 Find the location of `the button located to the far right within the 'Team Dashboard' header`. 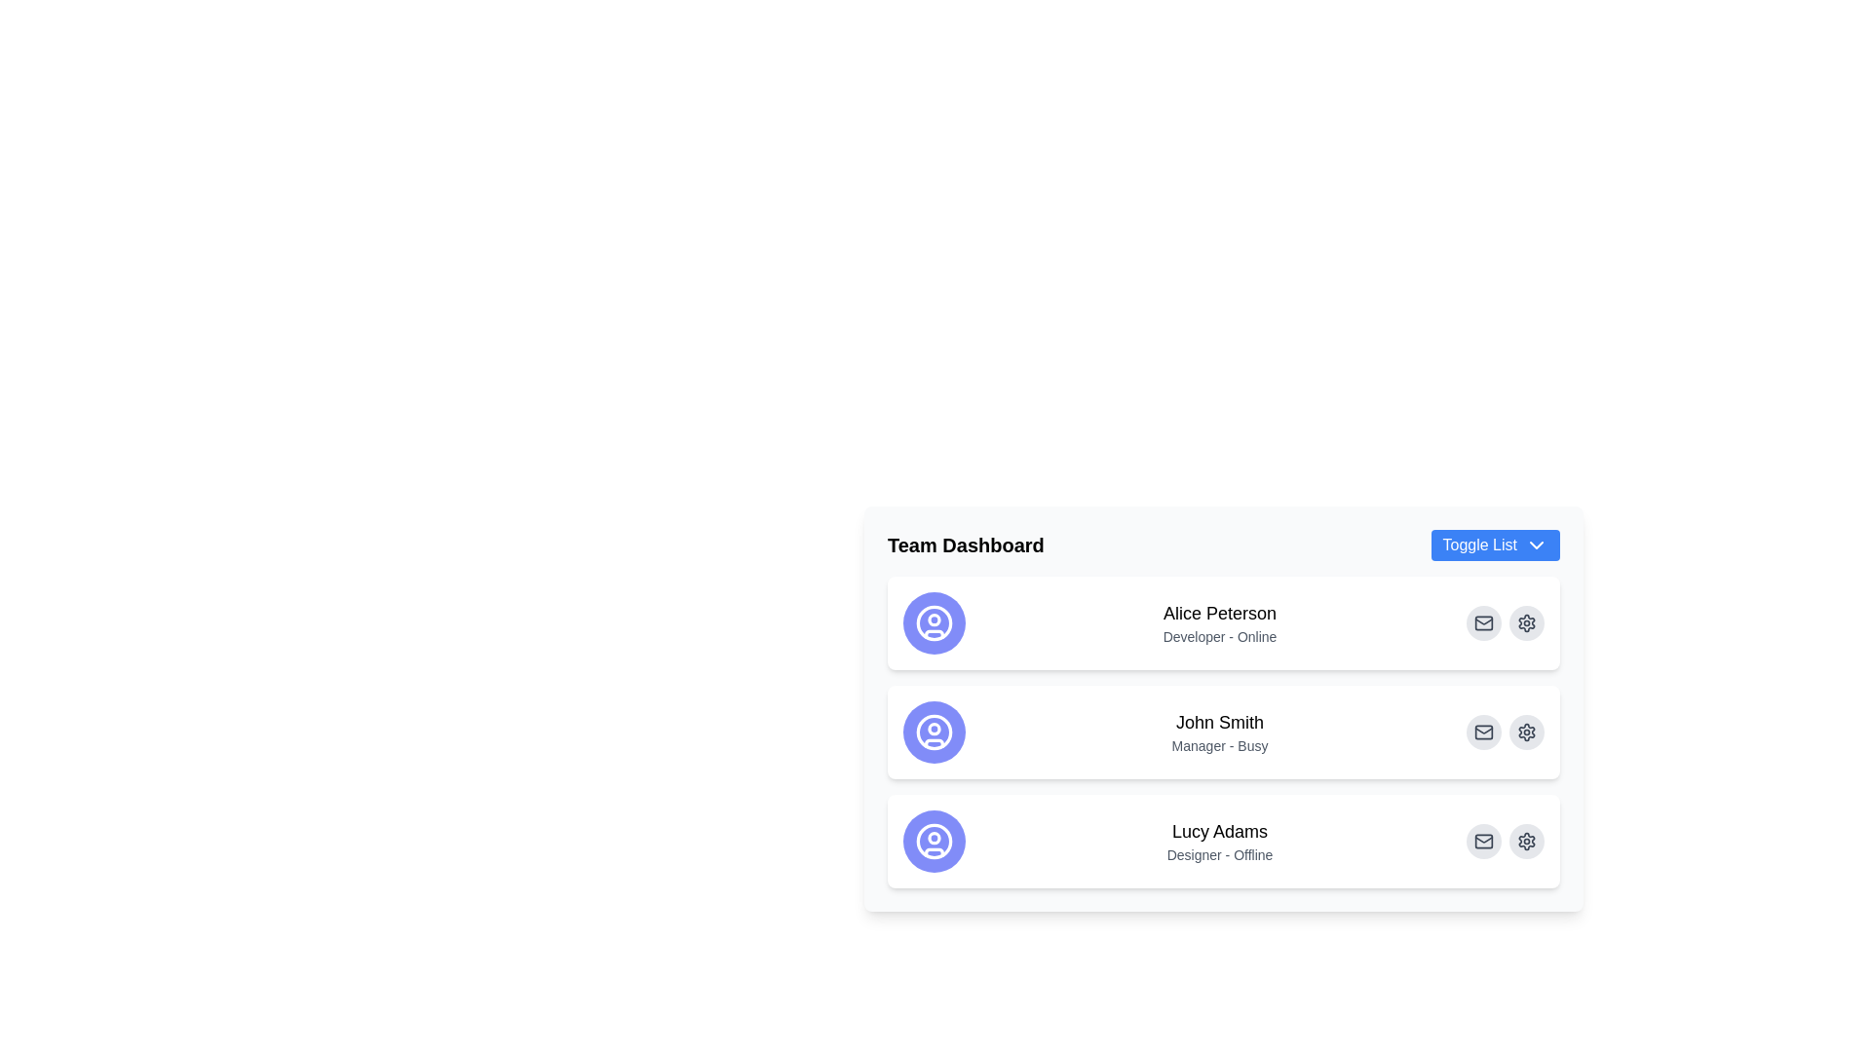

the button located to the far right within the 'Team Dashboard' header is located at coordinates (1494, 545).